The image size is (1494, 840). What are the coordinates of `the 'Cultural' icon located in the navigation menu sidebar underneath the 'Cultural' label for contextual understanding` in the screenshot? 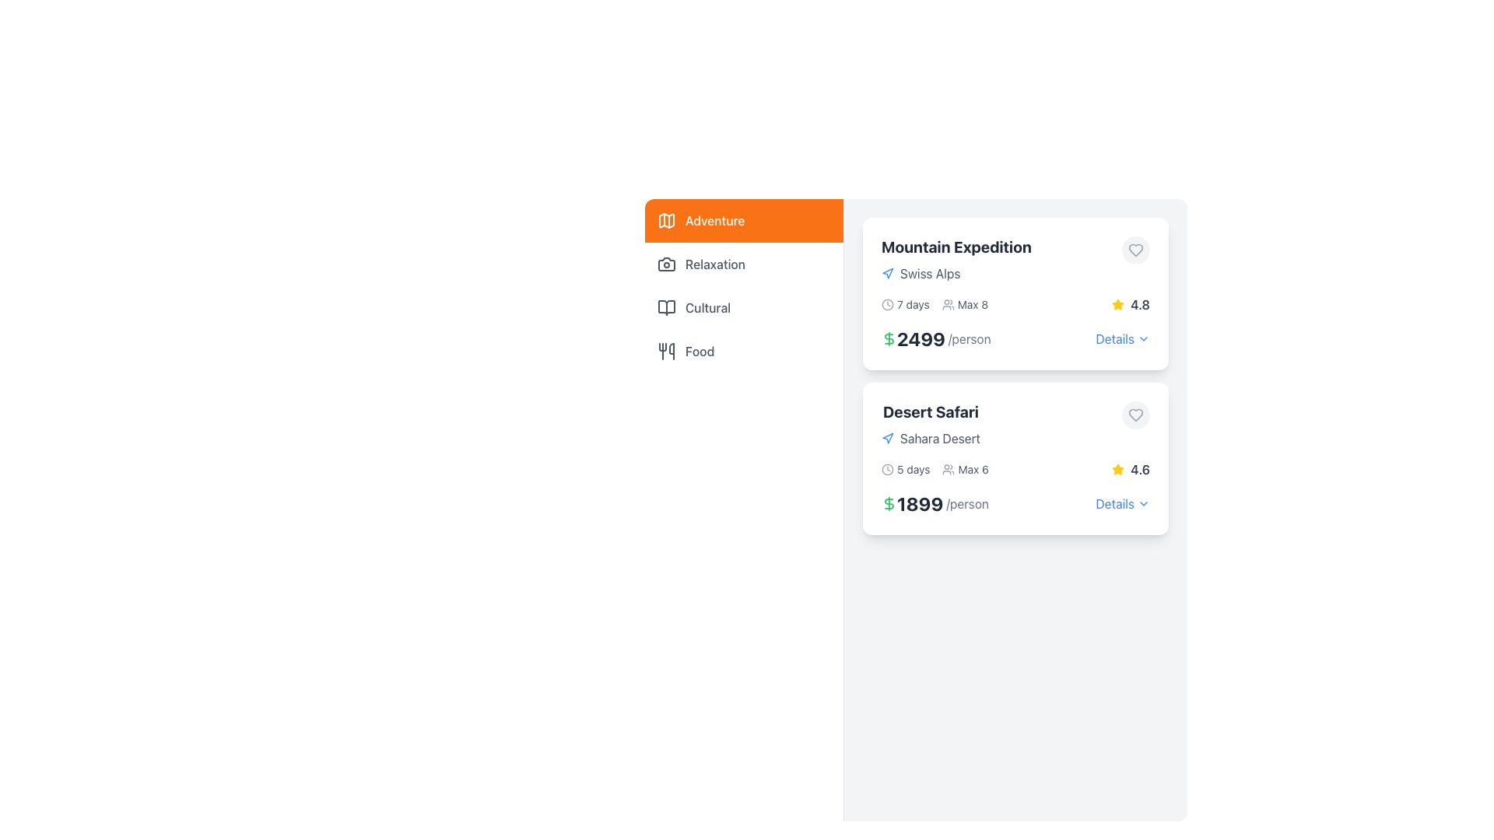 It's located at (667, 308).